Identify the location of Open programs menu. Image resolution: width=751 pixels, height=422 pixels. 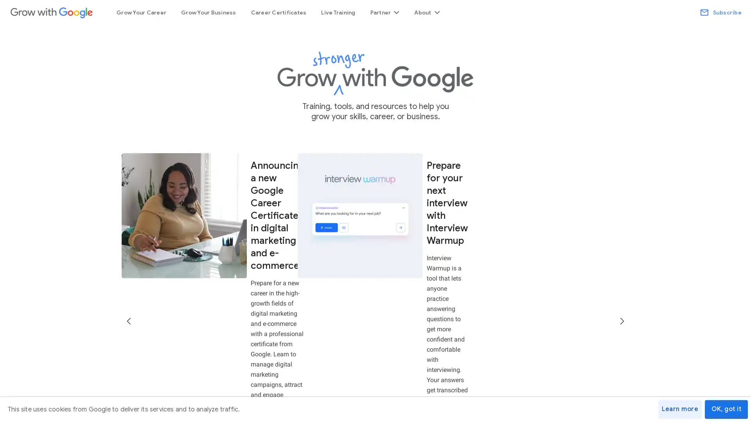
(384, 12).